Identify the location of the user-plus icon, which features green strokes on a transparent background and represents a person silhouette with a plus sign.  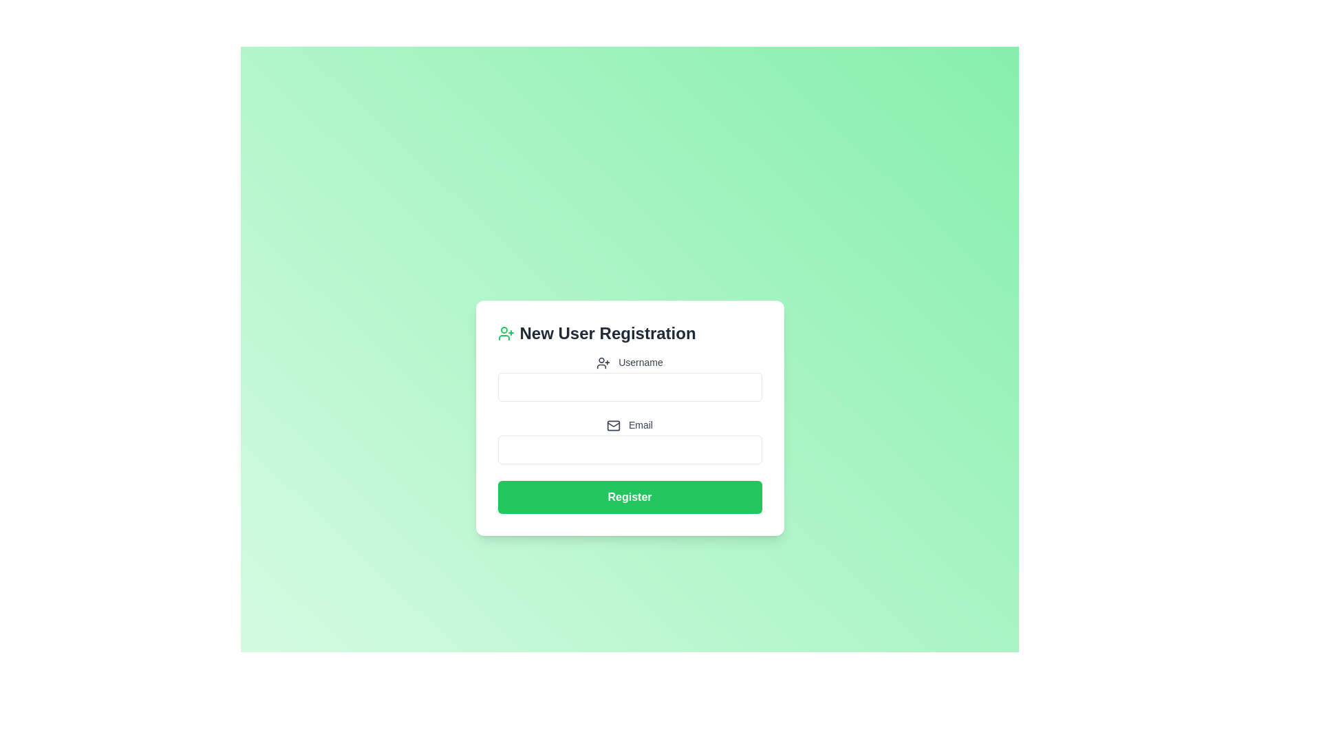
(505, 333).